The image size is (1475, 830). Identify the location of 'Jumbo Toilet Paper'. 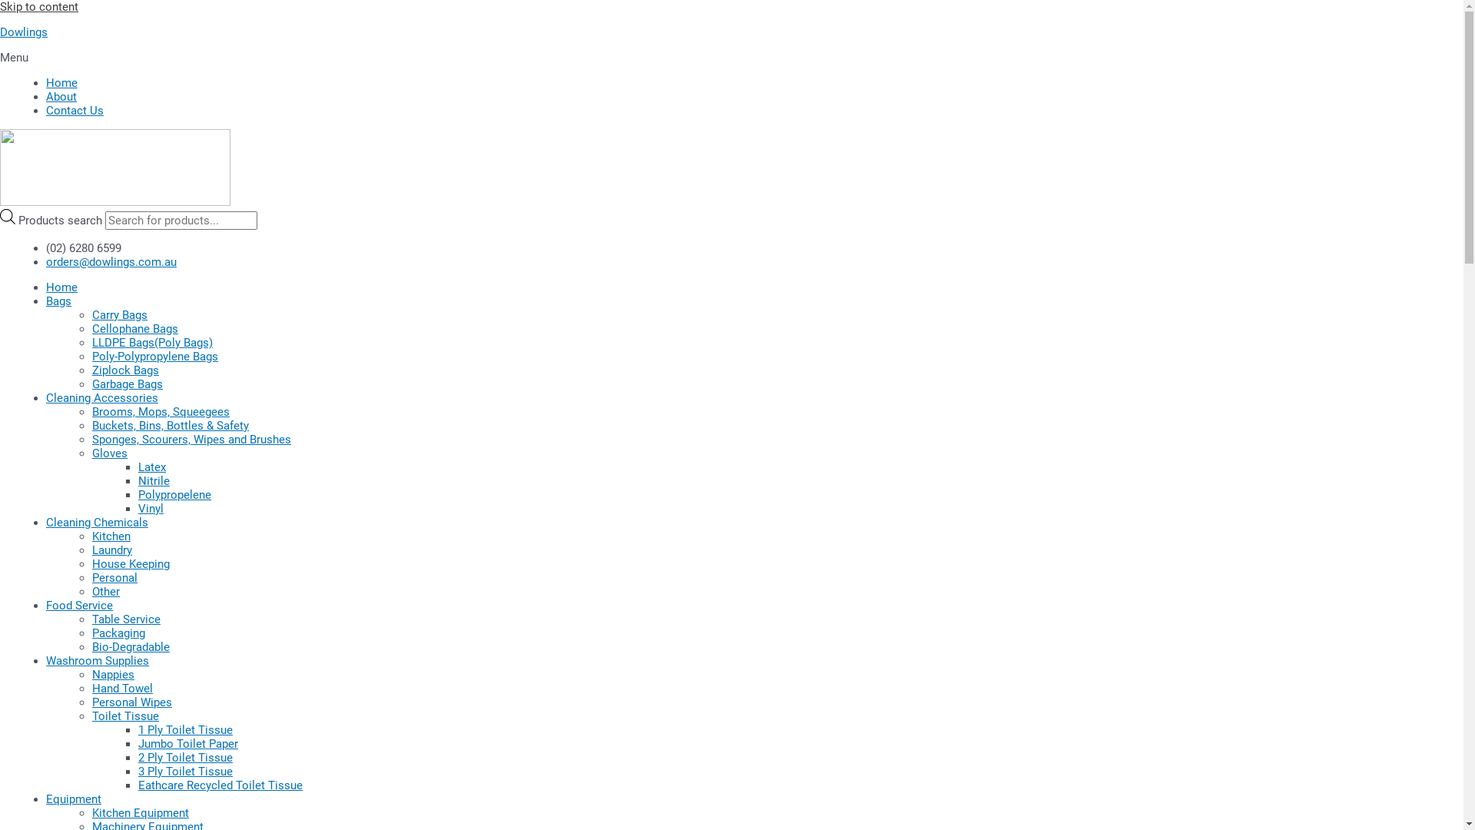
(187, 743).